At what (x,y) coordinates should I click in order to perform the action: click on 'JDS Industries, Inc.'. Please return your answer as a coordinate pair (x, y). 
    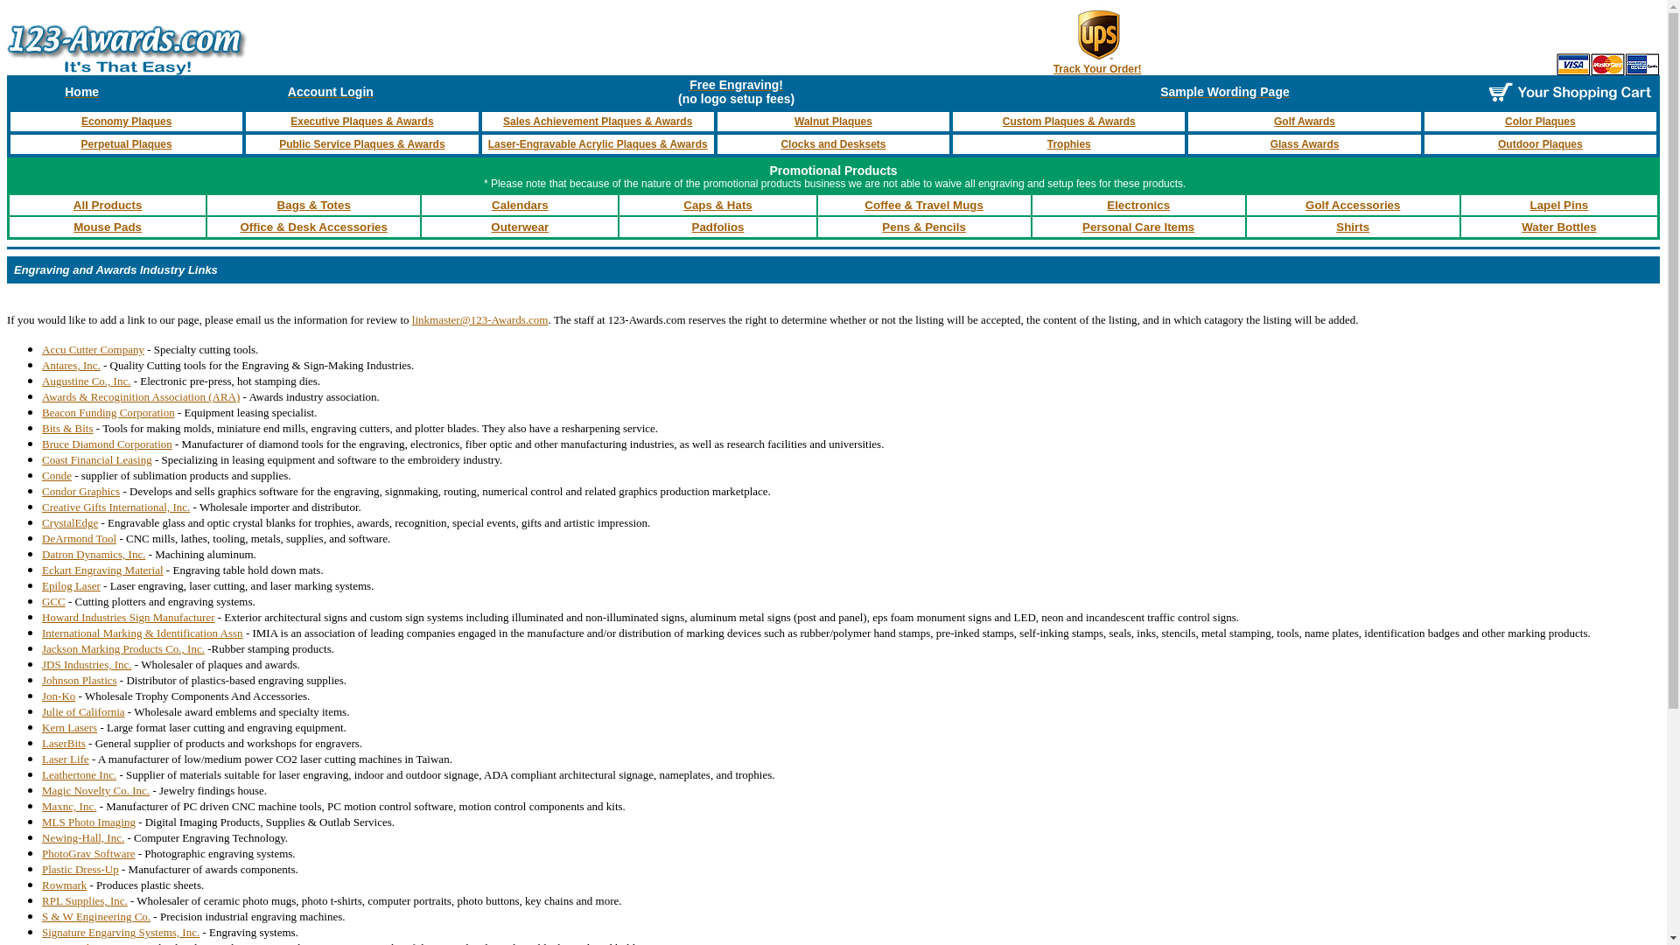
    Looking at the image, I should click on (86, 664).